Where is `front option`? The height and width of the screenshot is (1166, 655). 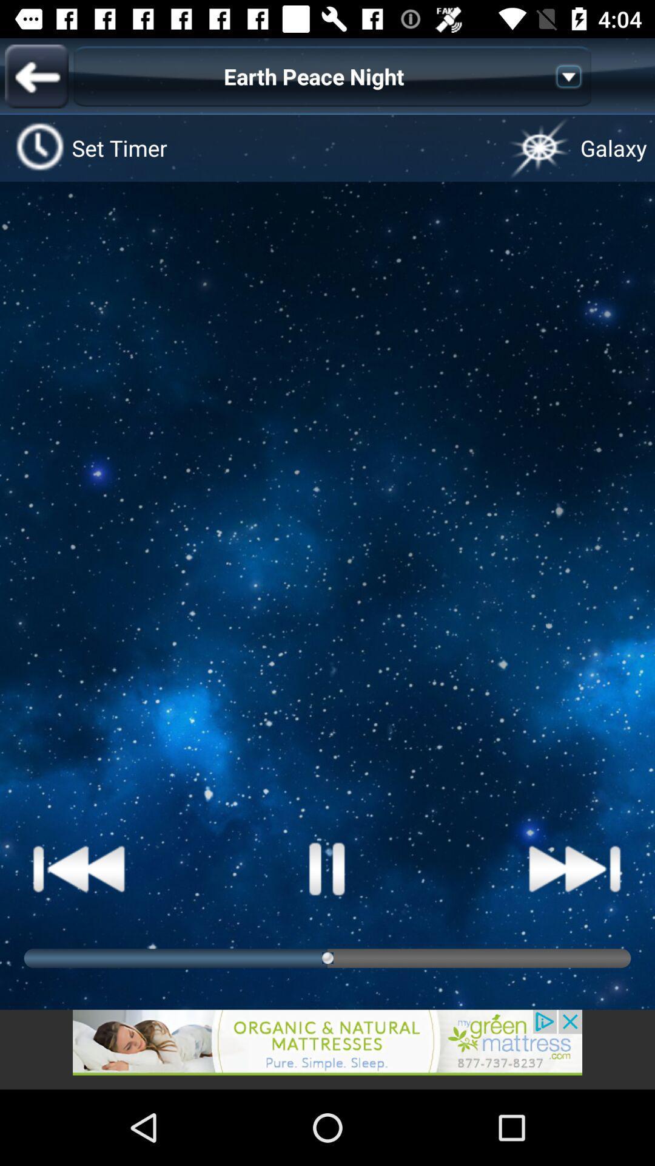
front option is located at coordinates (36, 75).